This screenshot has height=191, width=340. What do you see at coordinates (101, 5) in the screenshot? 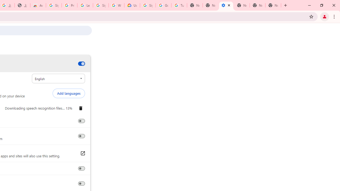
I see `'Sign in - Google Accounts'` at bounding box center [101, 5].